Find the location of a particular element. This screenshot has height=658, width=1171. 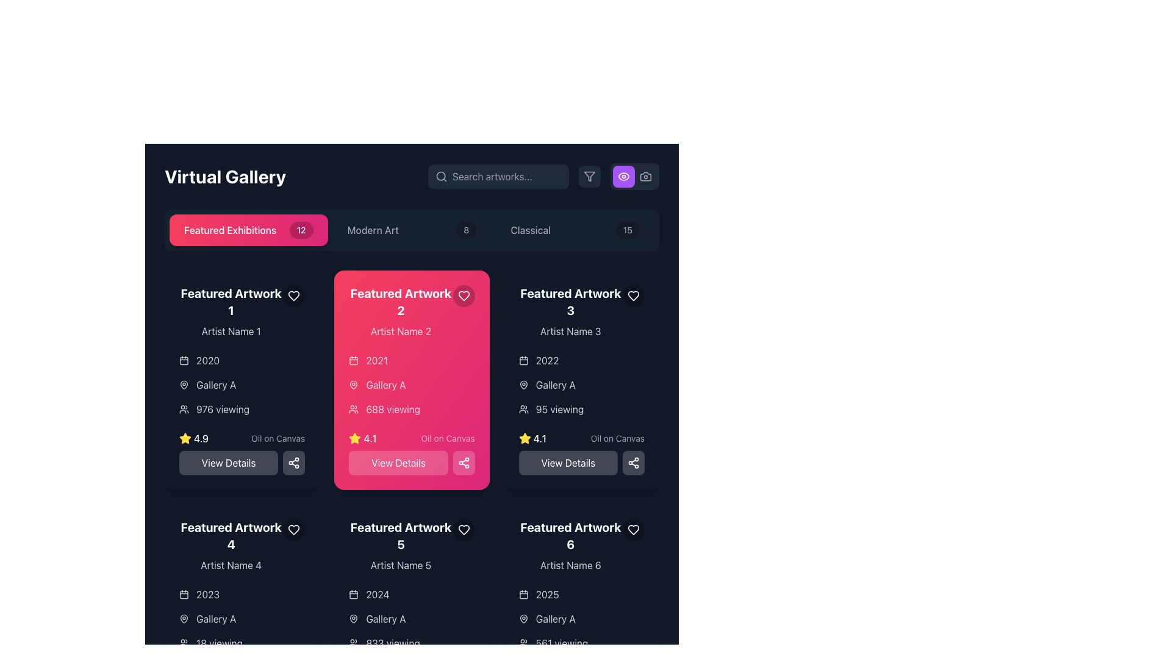

displayed information from the Text Information Block labeled 'Featured Artwork 5', which includes the heading and artist name, centered vertically within a dark background is located at coordinates (401, 545).